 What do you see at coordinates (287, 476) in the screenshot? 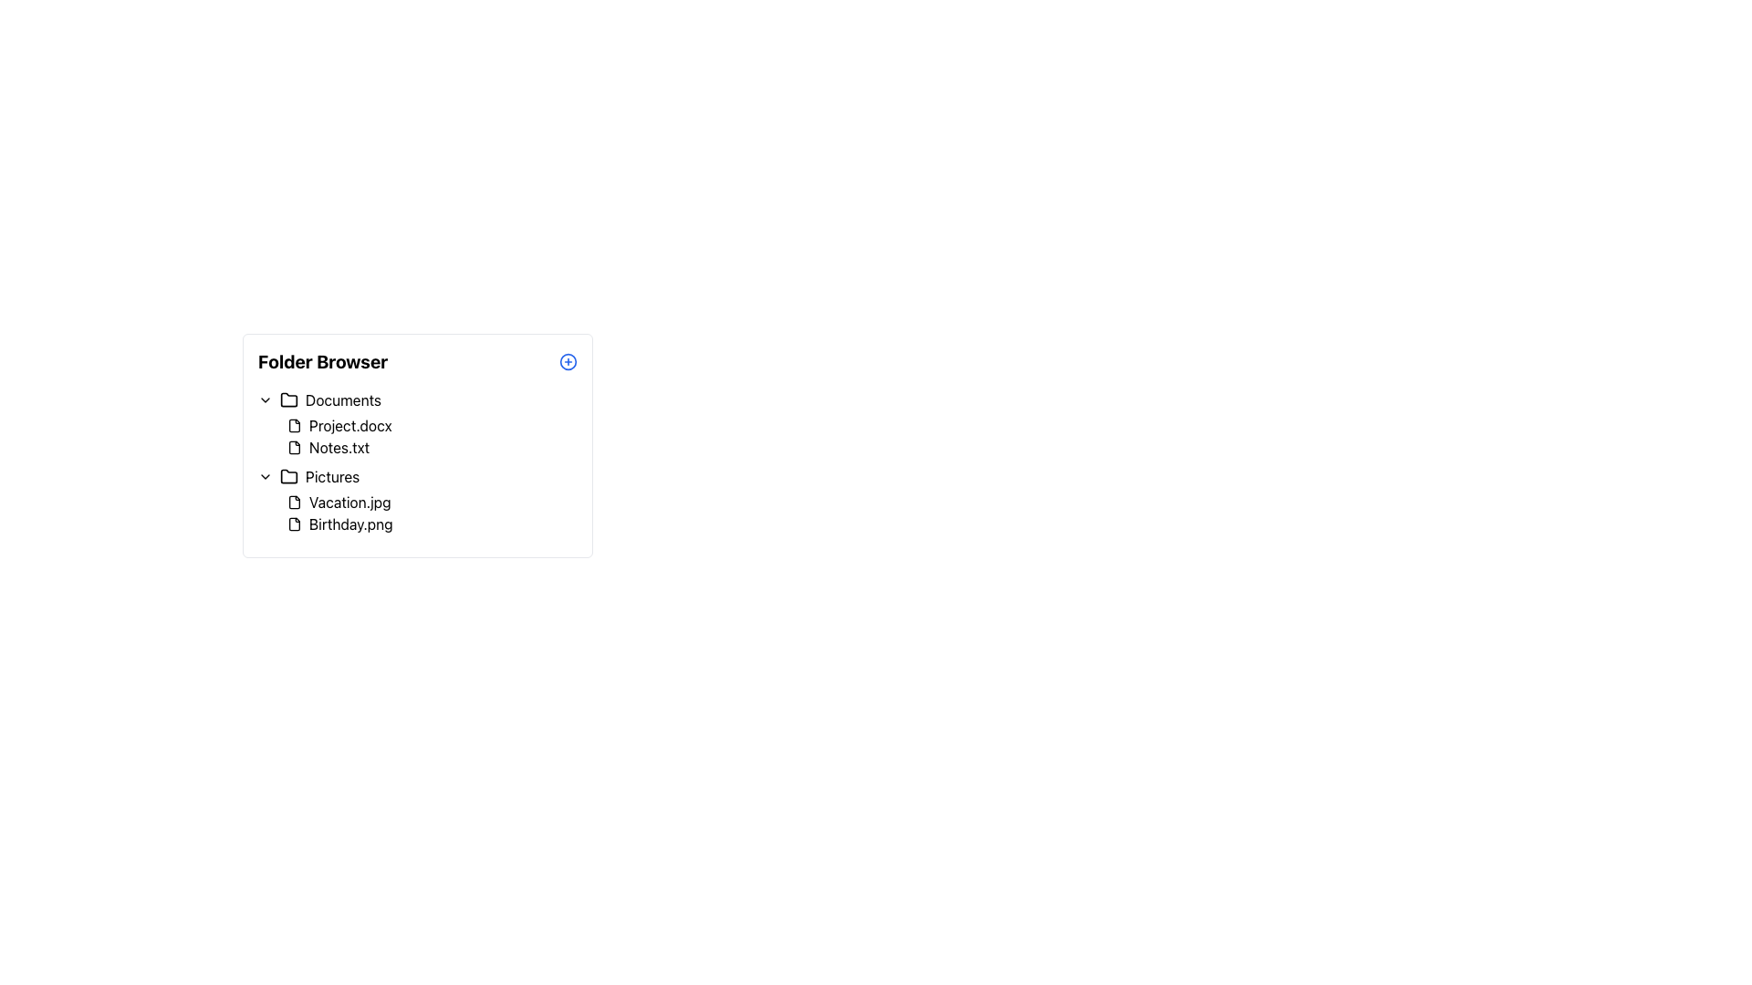
I see `the compact folder icon located to the left of the text 'Pictures' in the directory listing` at bounding box center [287, 476].